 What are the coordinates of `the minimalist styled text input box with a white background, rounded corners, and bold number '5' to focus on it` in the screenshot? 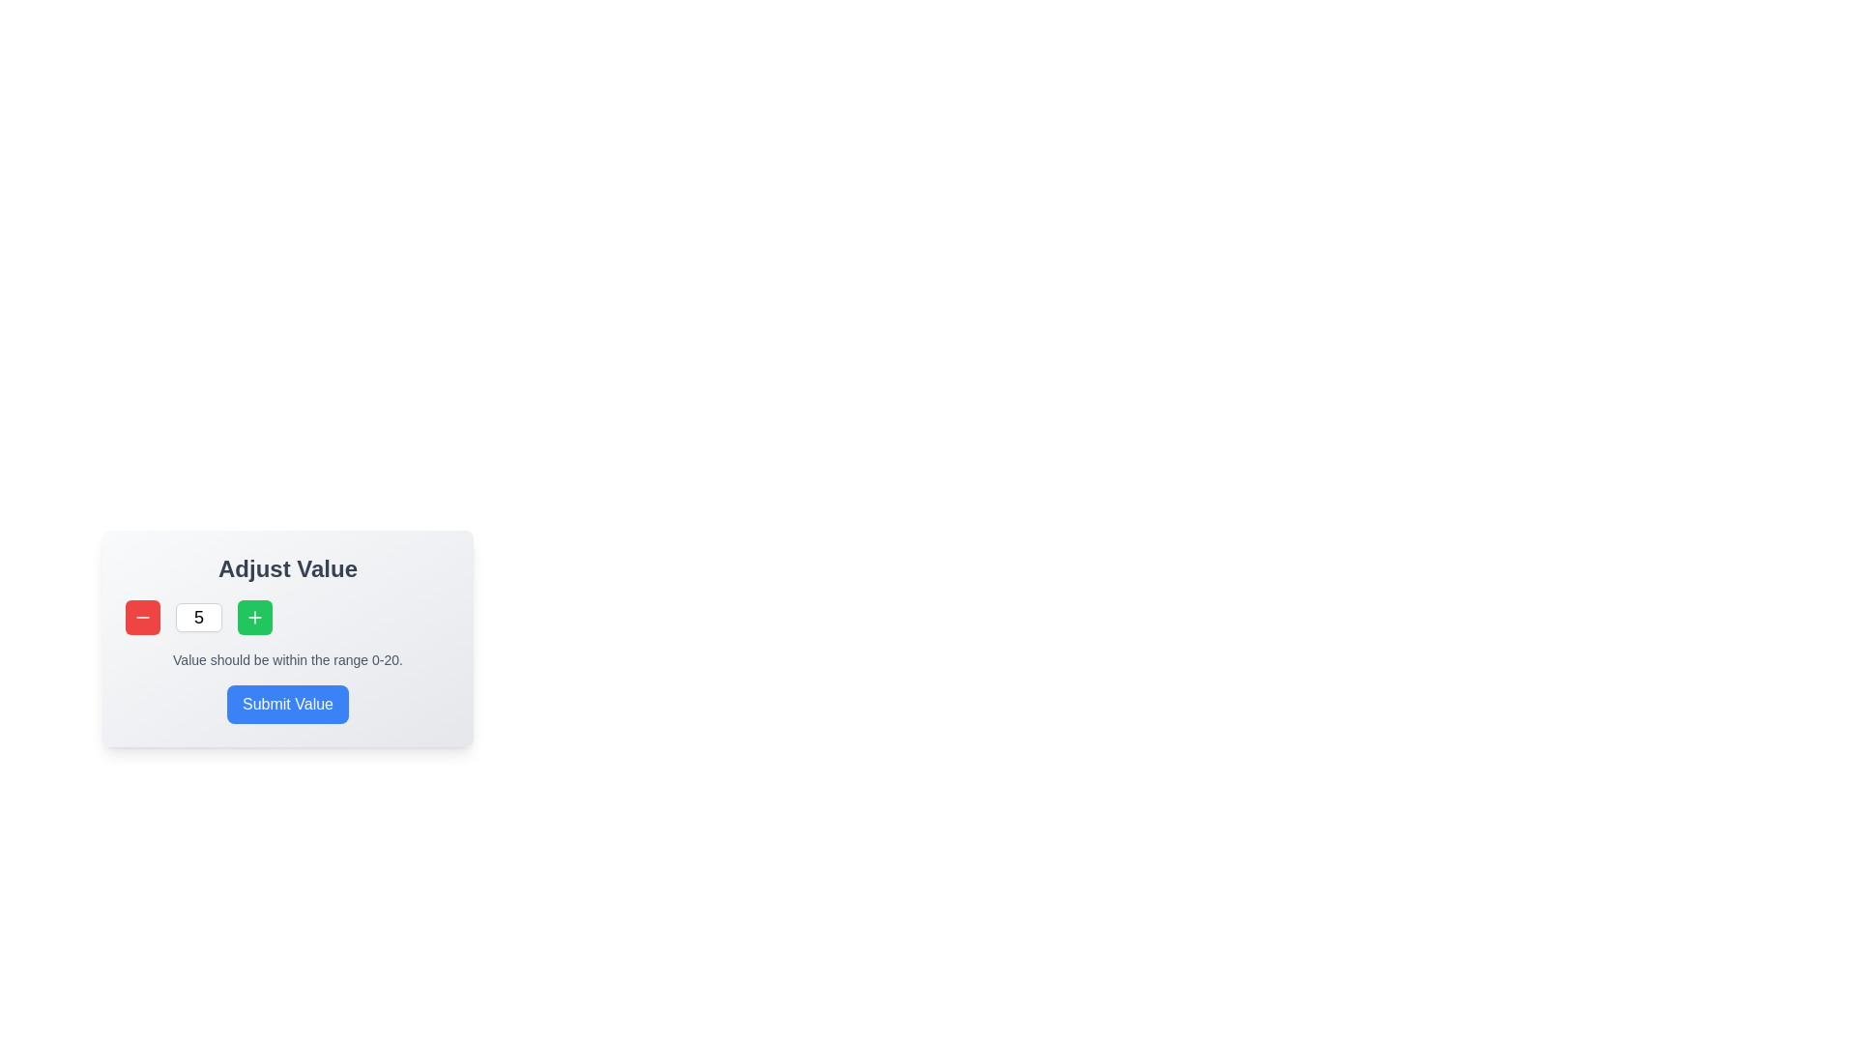 It's located at (199, 618).